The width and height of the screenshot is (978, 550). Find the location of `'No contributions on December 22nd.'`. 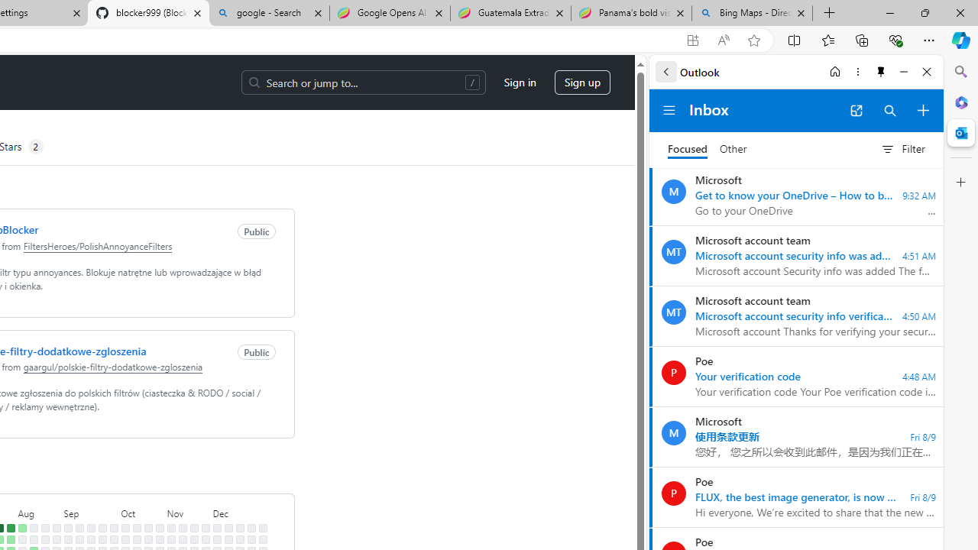

'No contributions on December 22nd.' is located at coordinates (251, 527).